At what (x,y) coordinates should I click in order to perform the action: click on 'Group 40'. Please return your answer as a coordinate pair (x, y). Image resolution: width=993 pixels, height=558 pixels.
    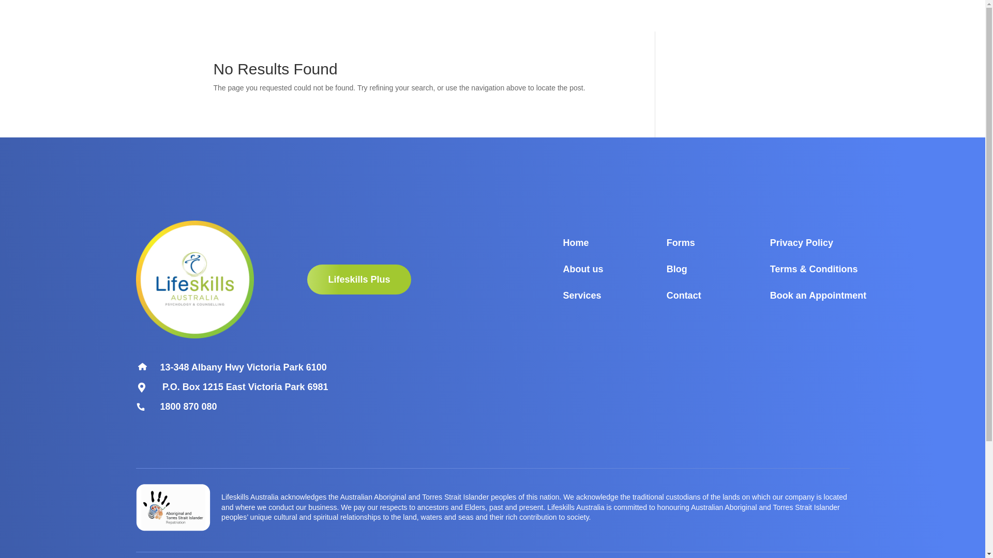
    Looking at the image, I should click on (173, 507).